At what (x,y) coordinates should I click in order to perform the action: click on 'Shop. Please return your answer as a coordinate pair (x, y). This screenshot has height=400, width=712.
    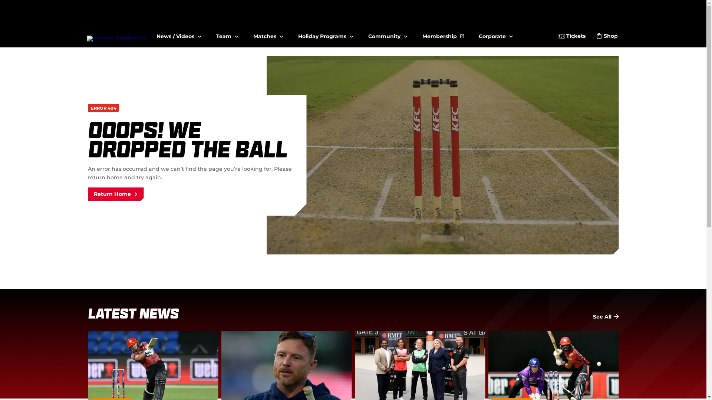
    Looking at the image, I should click on (596, 37).